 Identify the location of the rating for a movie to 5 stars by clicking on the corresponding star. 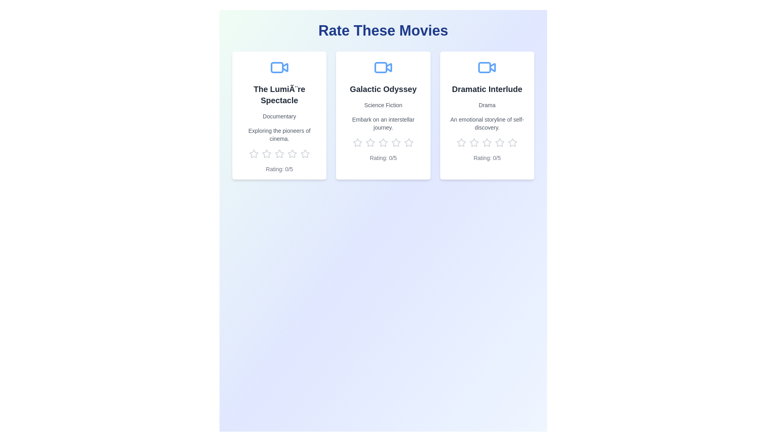
(300, 154).